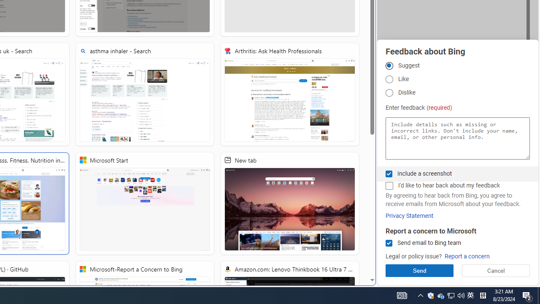  Describe the element at coordinates (389, 65) in the screenshot. I see `'Suggest'` at that location.